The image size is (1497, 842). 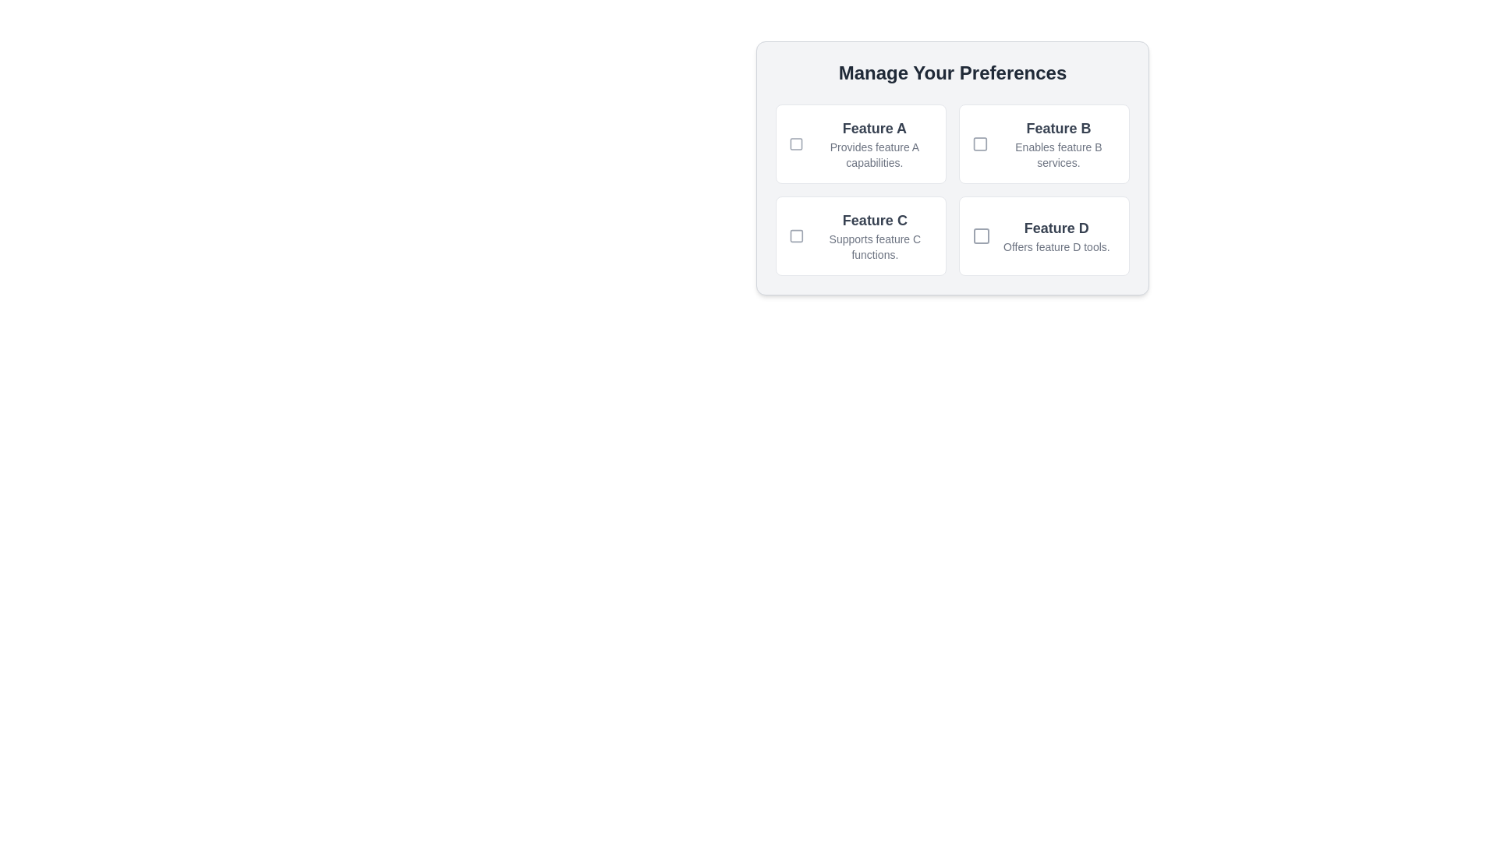 I want to click on text content of the Information display, which is the first card in the grid located in the top-left corner, so click(x=874, y=144).